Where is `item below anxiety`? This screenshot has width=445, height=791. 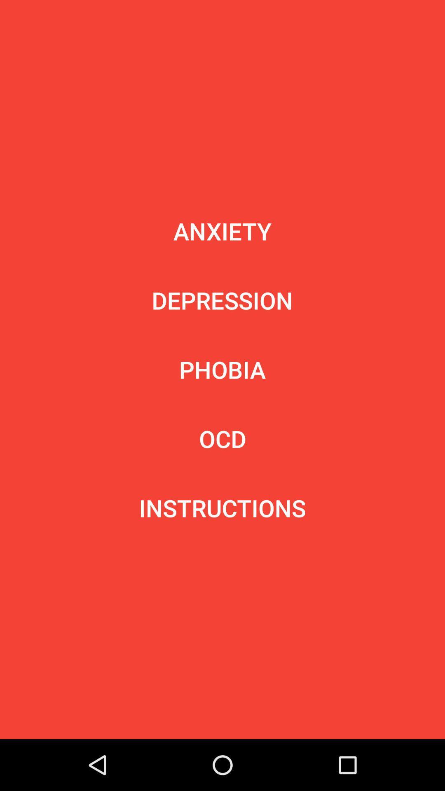 item below anxiety is located at coordinates (222, 300).